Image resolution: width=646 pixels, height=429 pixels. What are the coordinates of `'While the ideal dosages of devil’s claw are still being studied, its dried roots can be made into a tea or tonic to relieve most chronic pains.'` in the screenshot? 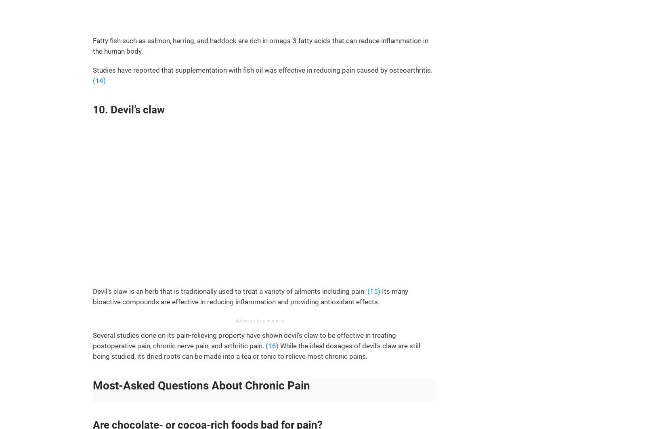 It's located at (92, 350).